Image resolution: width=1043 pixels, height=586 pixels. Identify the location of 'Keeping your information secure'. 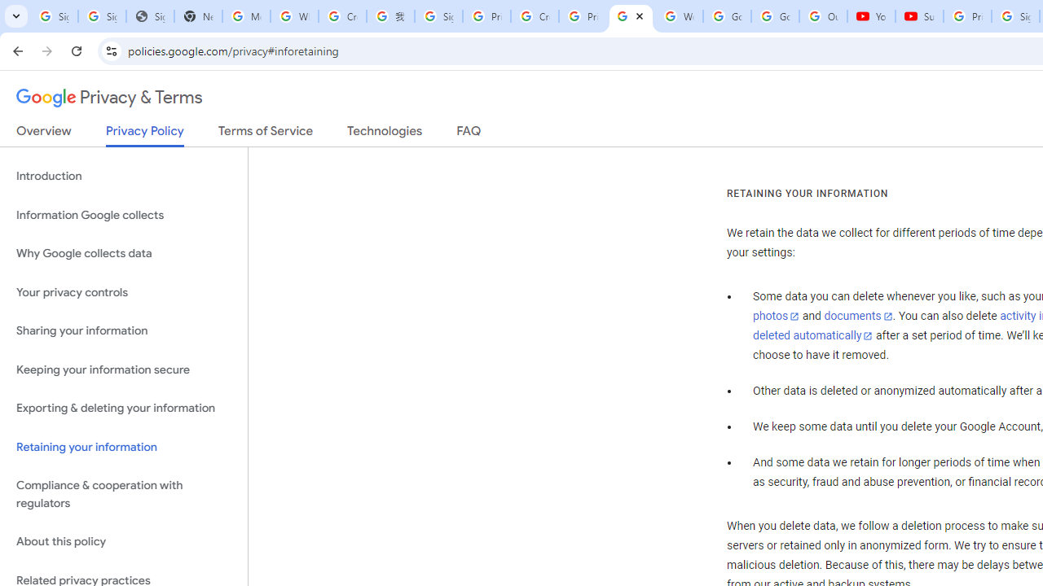
(123, 370).